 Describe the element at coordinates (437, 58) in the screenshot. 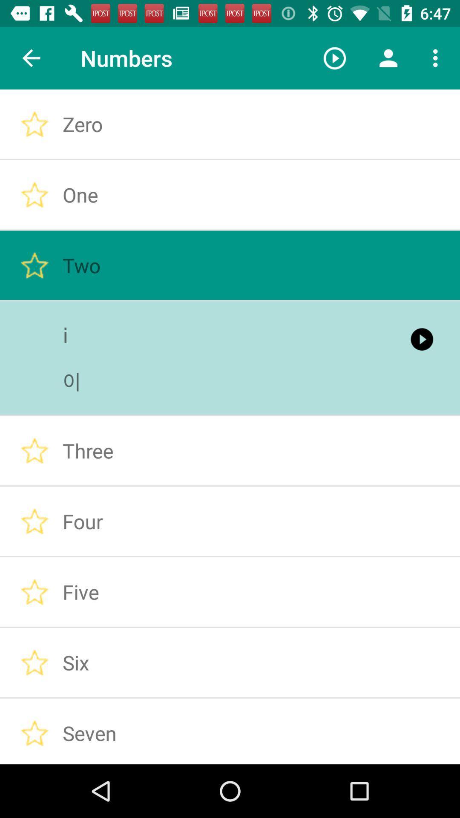

I see `menu icon` at that location.